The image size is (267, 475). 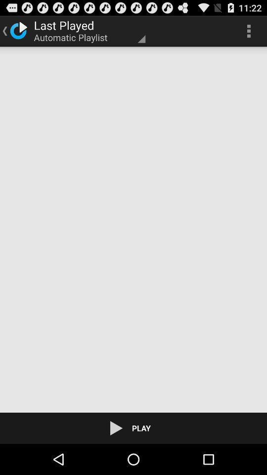 I want to click on the icon above the play, so click(x=133, y=230).